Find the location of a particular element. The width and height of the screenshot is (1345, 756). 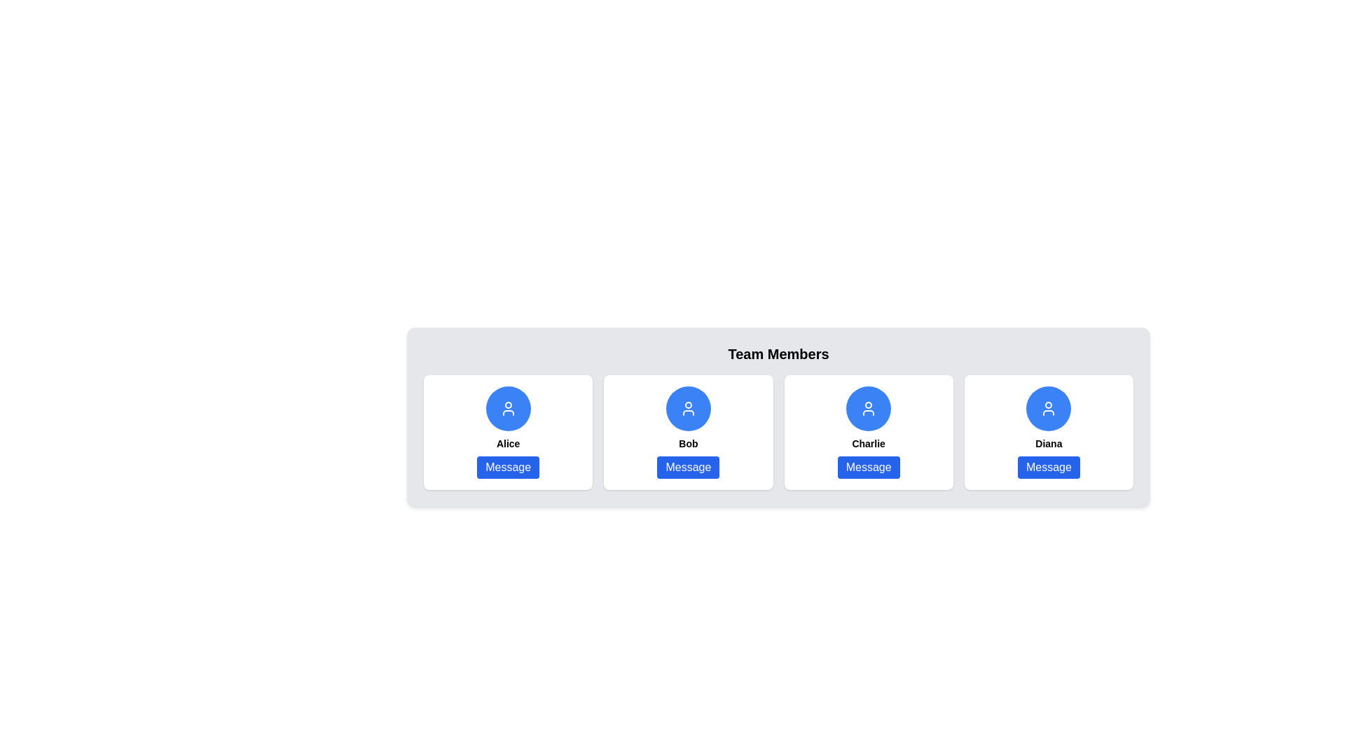

the text label displaying the name 'Diana', which is located within the fourth user card, positioned under the user icon and above the 'Message' button is located at coordinates (1049, 443).